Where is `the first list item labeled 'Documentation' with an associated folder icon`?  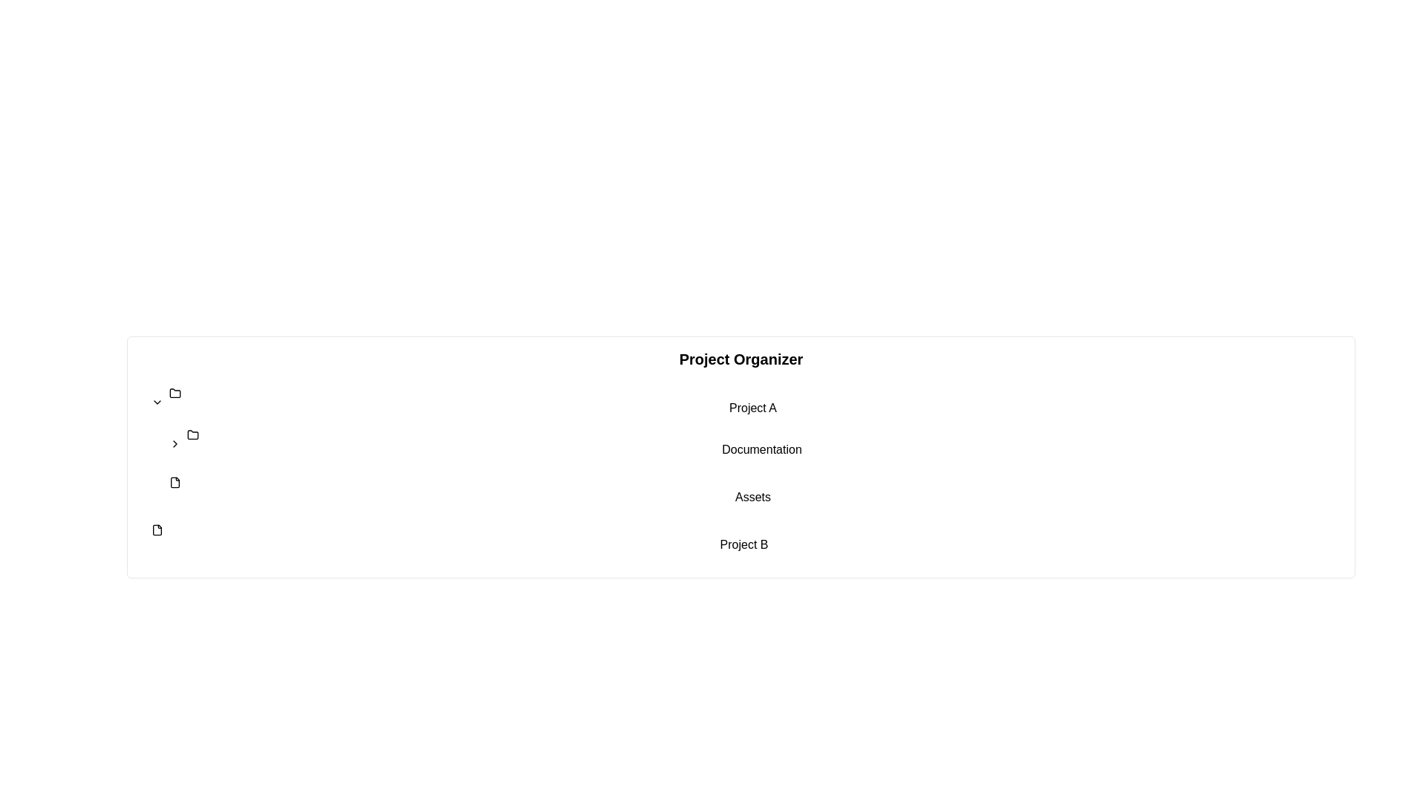 the first list item labeled 'Documentation' with an associated folder icon is located at coordinates (752, 443).